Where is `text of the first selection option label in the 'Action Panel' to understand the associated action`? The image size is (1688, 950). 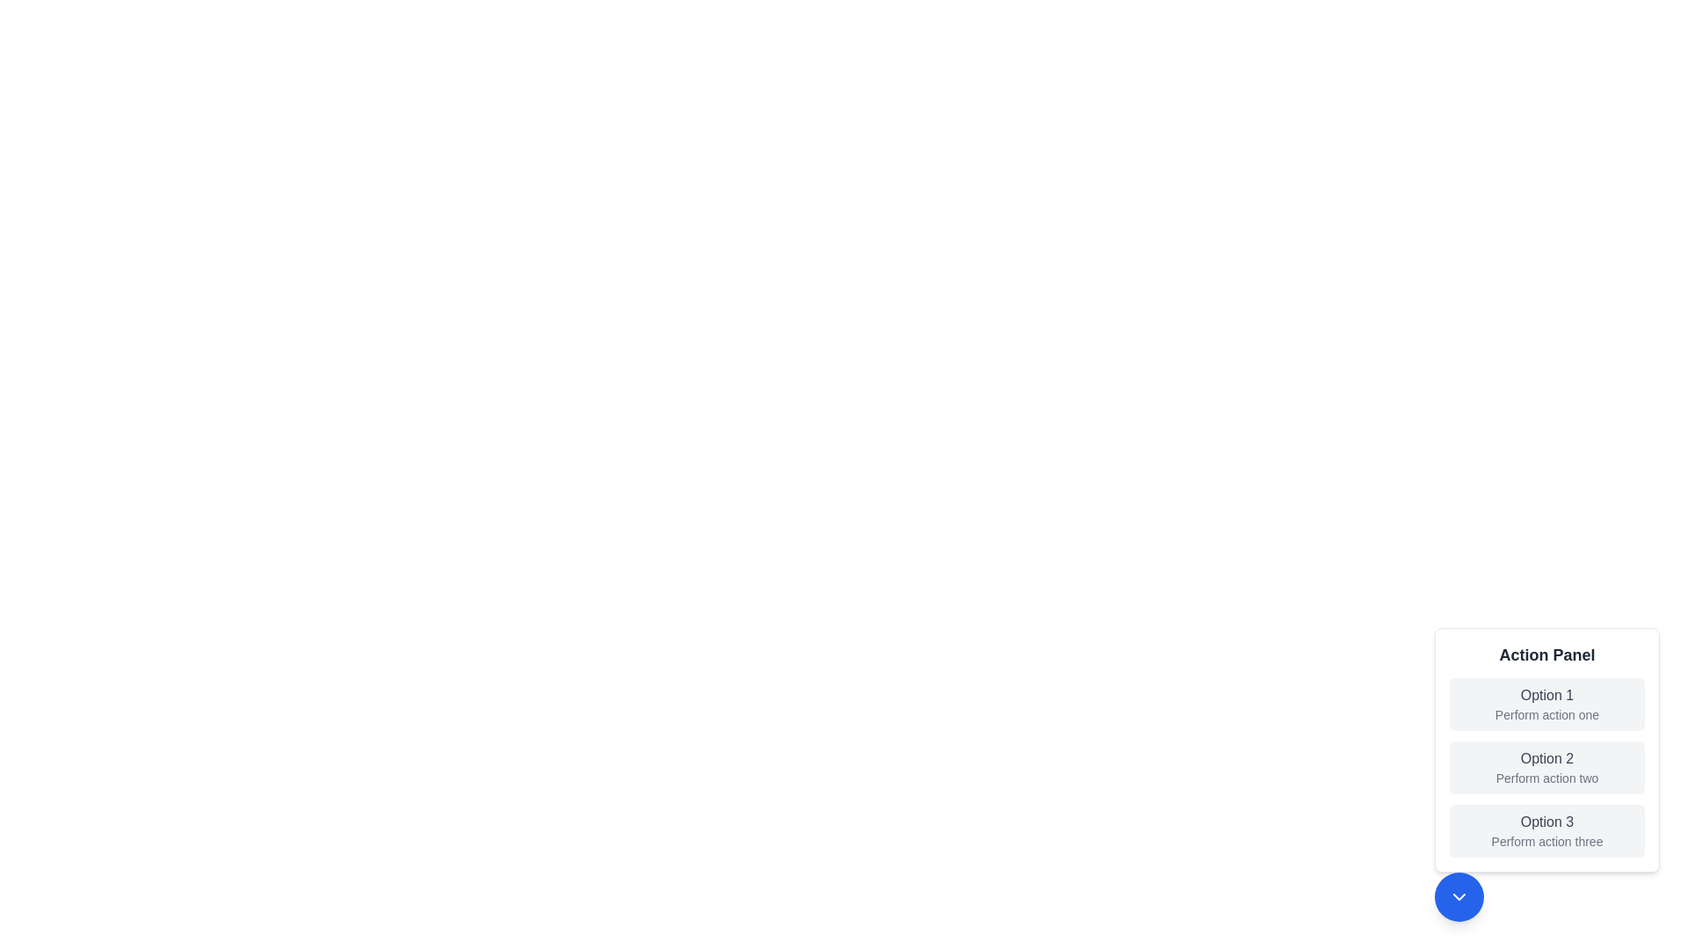
text of the first selection option label in the 'Action Panel' to understand the associated action is located at coordinates (1547, 694).